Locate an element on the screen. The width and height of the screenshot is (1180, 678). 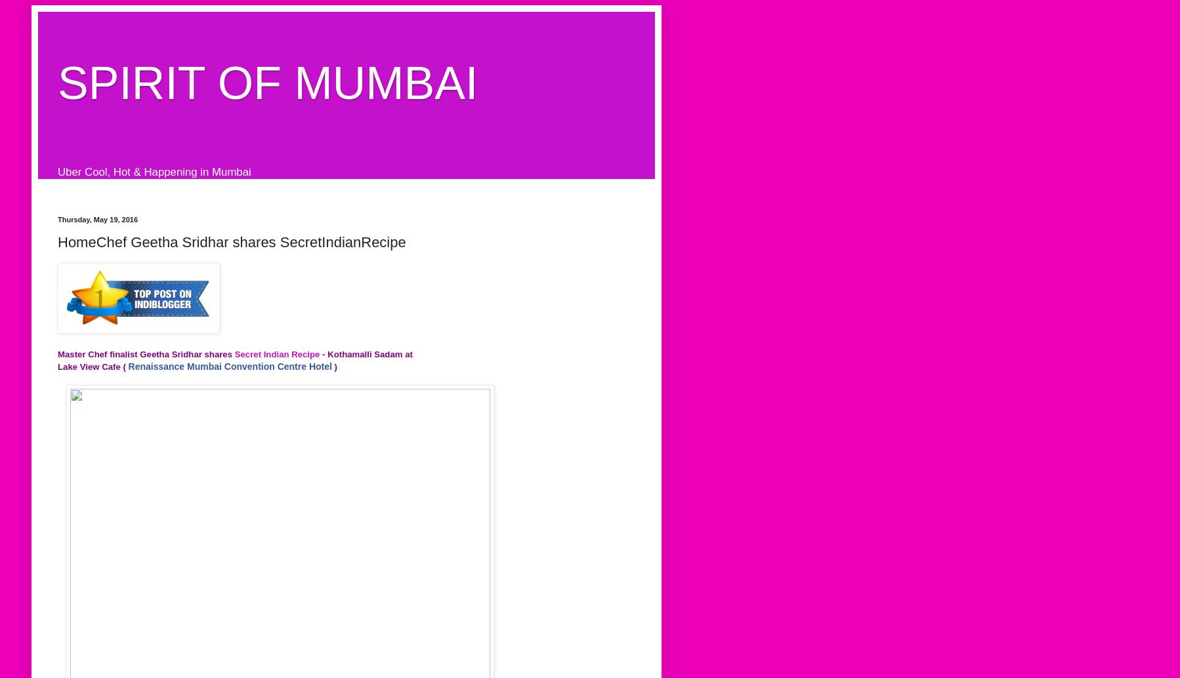
'Thursday, May 19, 2016' is located at coordinates (97, 218).